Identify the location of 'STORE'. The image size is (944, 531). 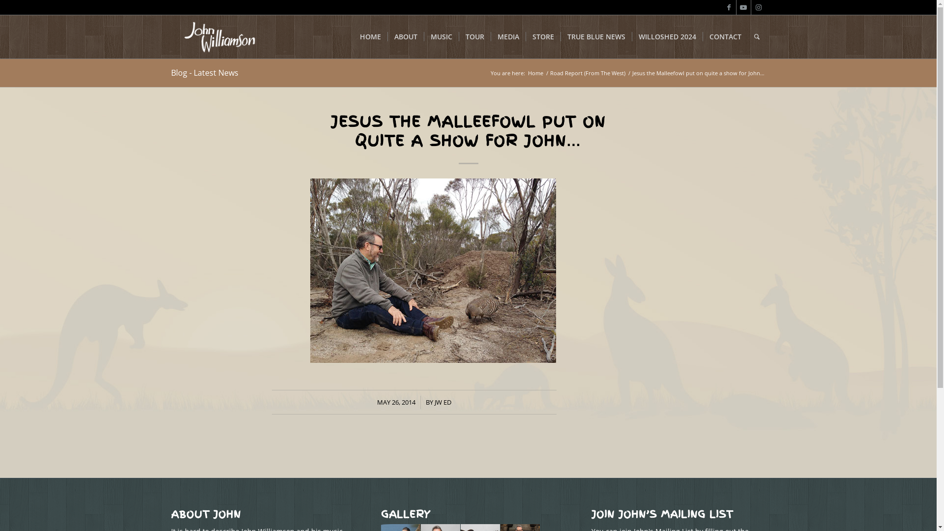
(542, 36).